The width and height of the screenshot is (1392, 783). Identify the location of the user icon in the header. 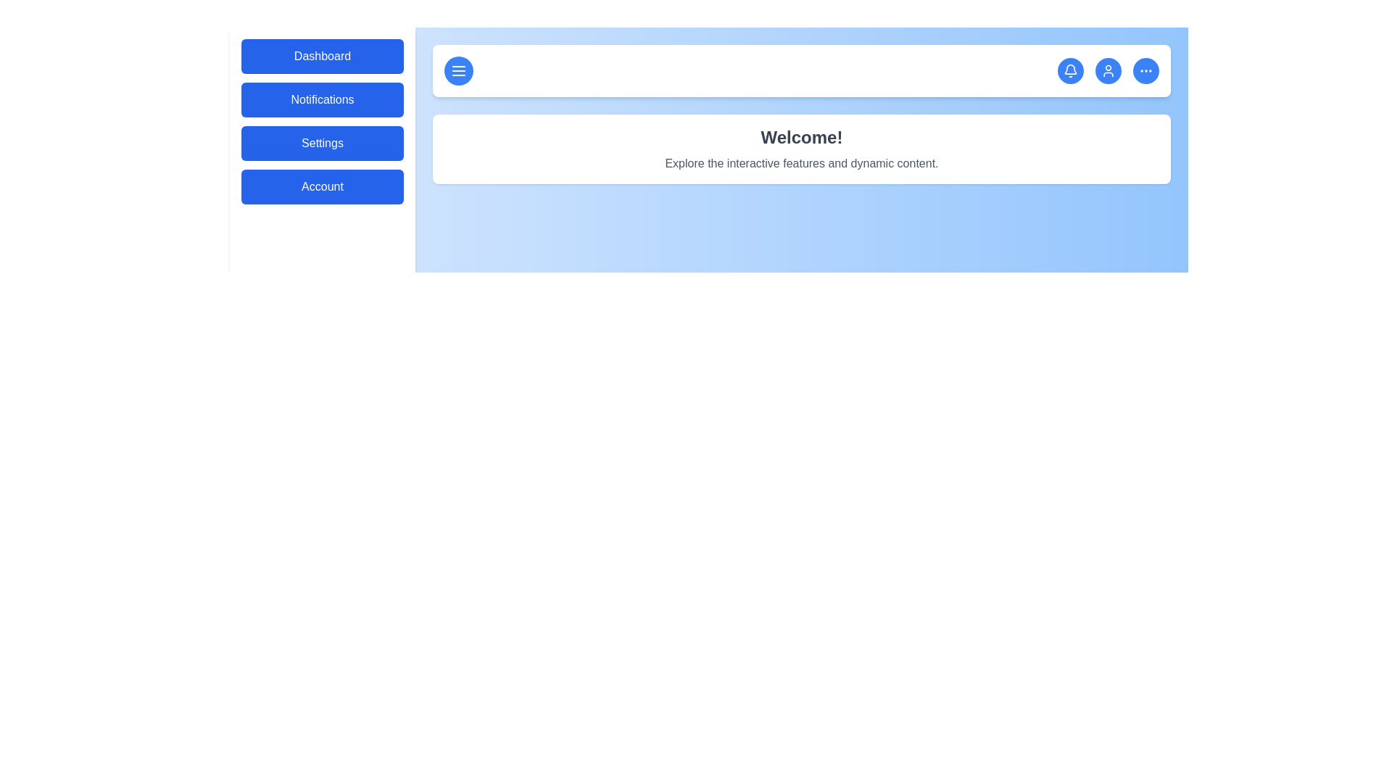
(1108, 70).